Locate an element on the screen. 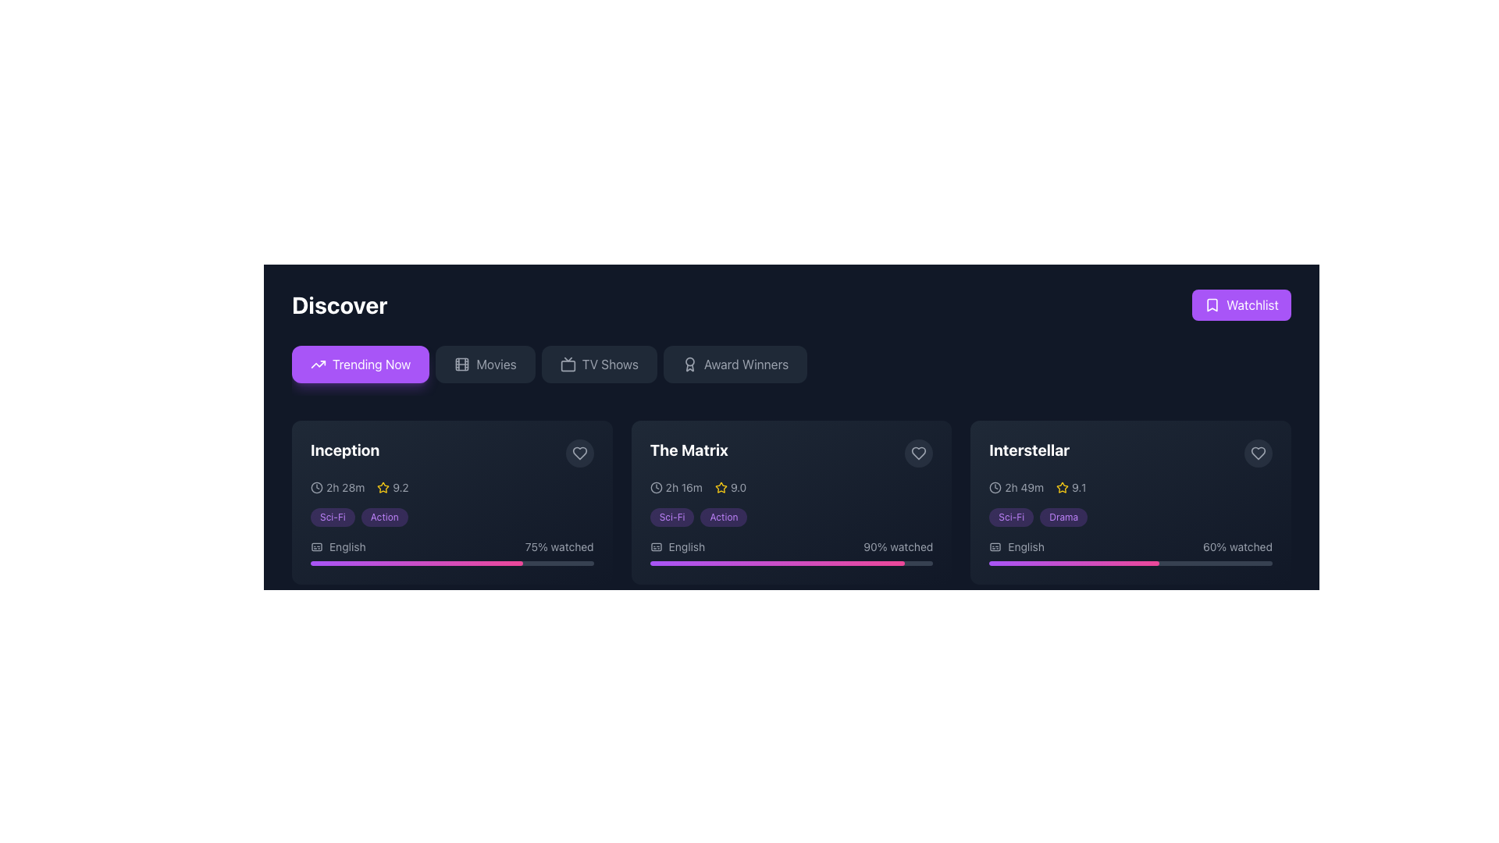 This screenshot has height=843, width=1499. watched progress is located at coordinates (1088, 563).